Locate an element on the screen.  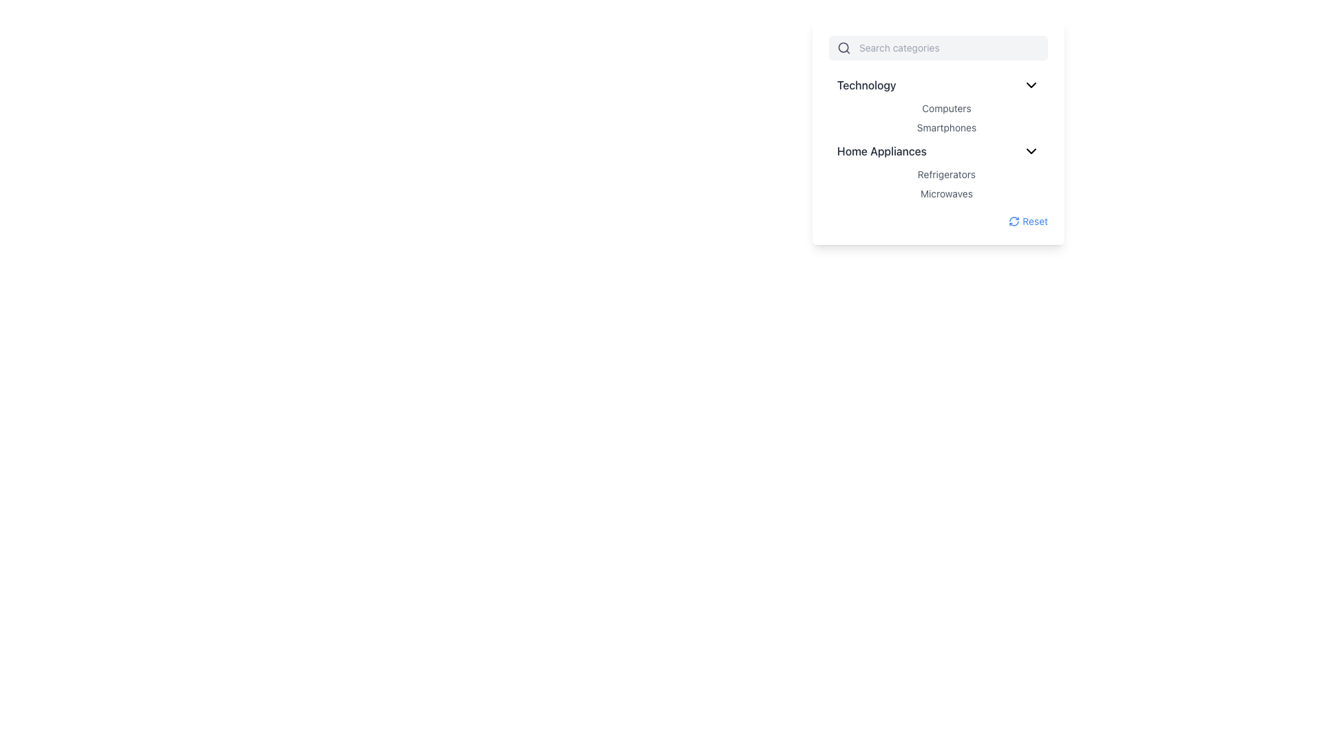
the 'Home Appliances' text label within the 'Technology' category dropdown menu is located at coordinates (882, 151).